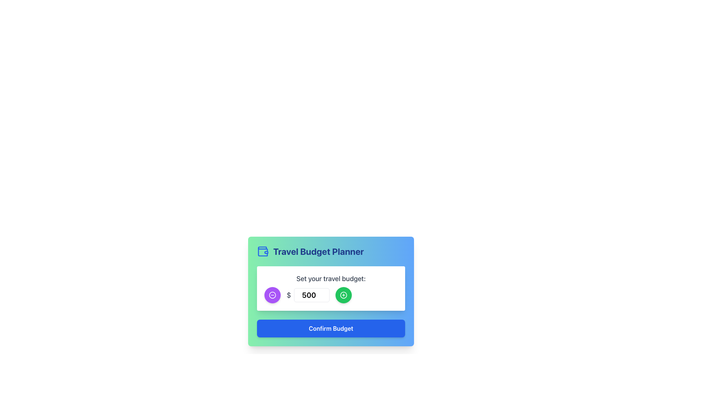 The image size is (711, 400). I want to click on the SVG Circle element that serves as a 'plus' button to increase the budget in the 'Travel Budget Planner' modal dialog, so click(343, 295).